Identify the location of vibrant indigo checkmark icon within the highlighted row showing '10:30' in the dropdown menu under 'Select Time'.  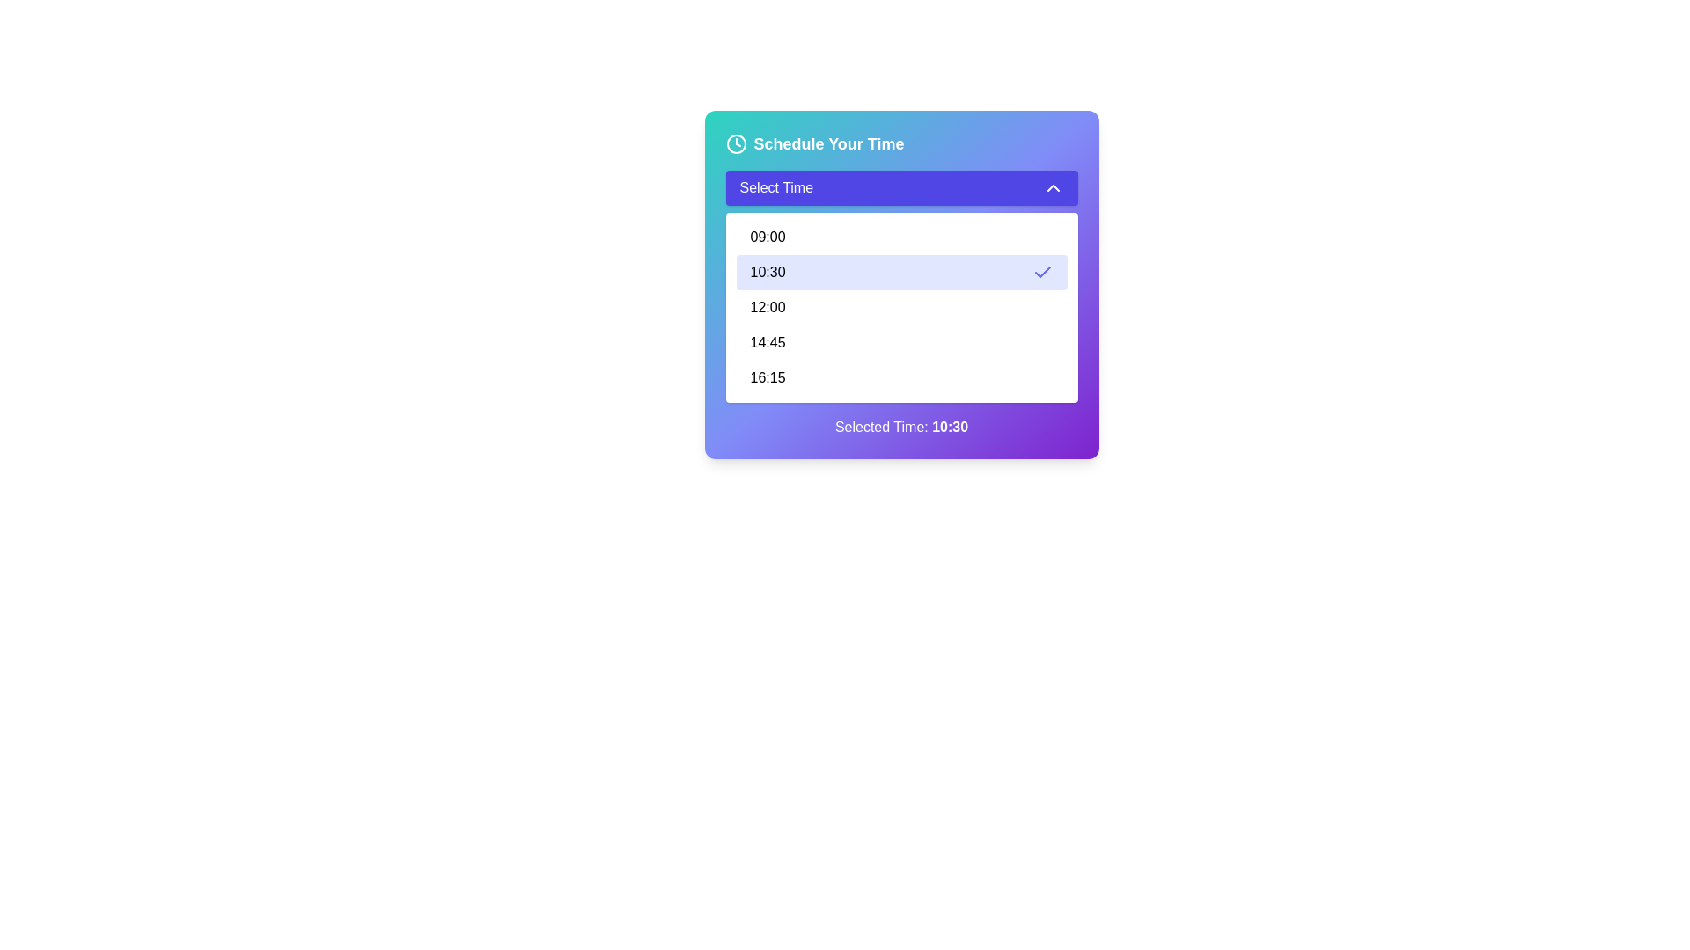
(1042, 272).